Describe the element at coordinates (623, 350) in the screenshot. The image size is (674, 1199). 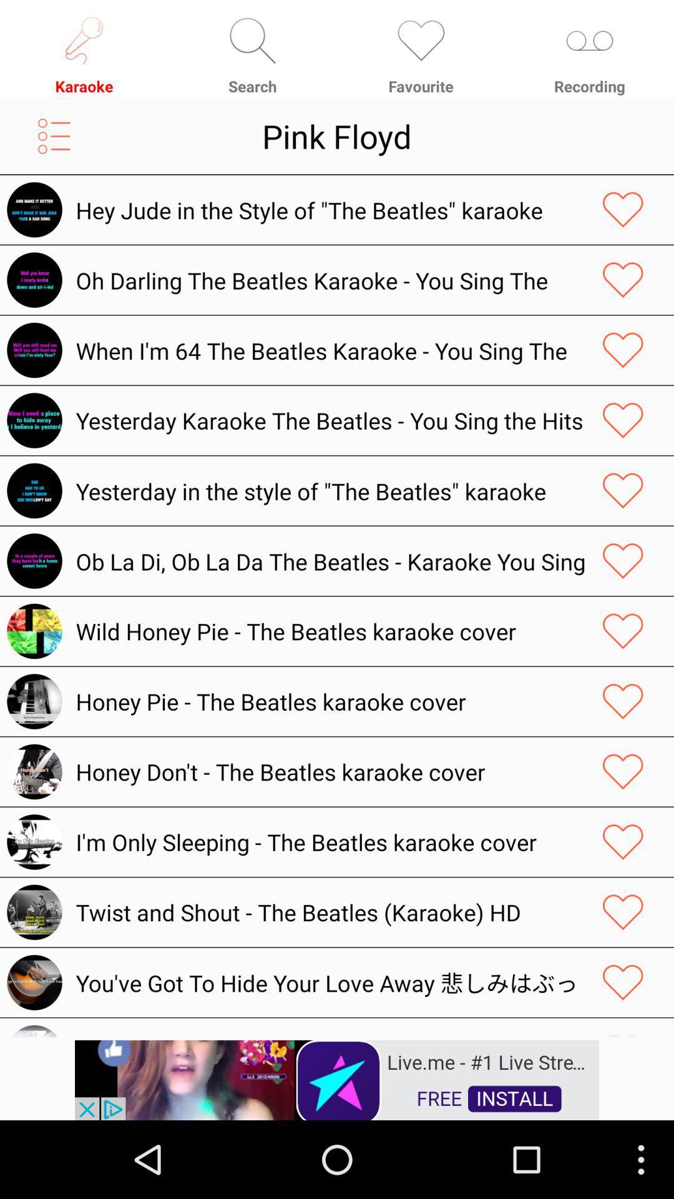
I see `like the song` at that location.